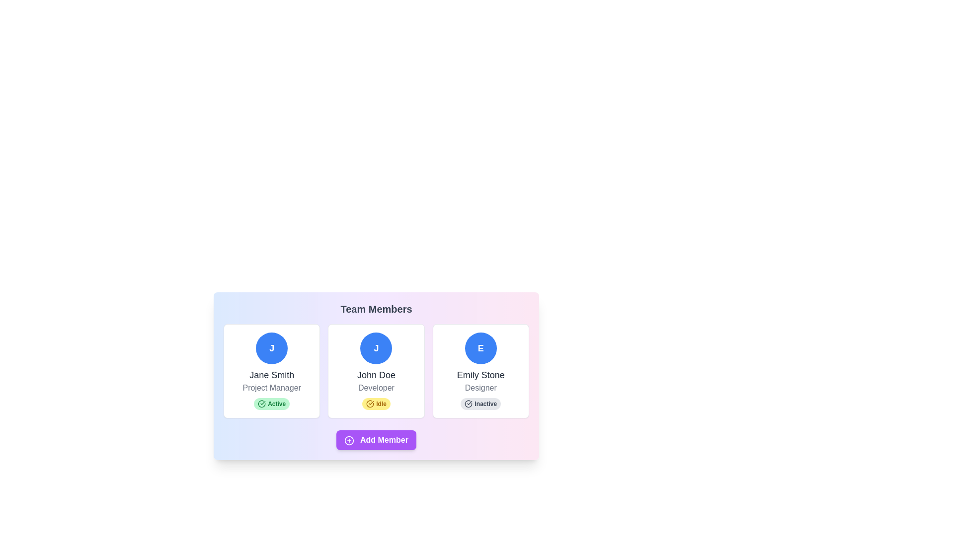  What do you see at coordinates (480, 348) in the screenshot?
I see `the Avatar Badge for 'Emily Stone'` at bounding box center [480, 348].